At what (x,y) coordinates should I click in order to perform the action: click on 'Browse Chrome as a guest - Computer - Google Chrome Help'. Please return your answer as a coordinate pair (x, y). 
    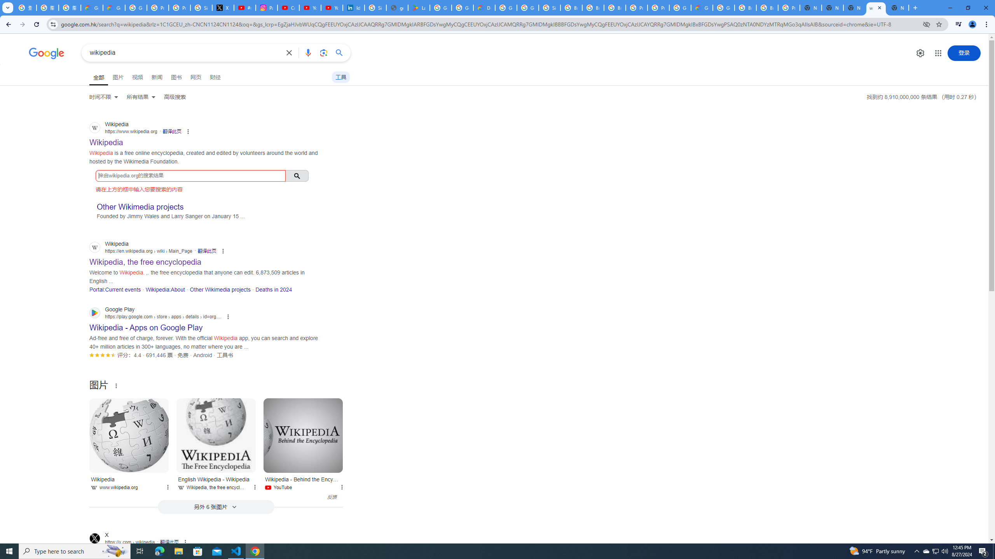
    Looking at the image, I should click on (745, 7).